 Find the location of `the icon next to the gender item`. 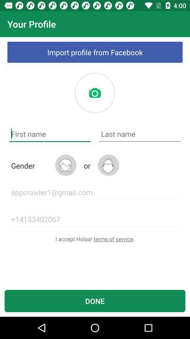

the icon next to the gender item is located at coordinates (65, 165).